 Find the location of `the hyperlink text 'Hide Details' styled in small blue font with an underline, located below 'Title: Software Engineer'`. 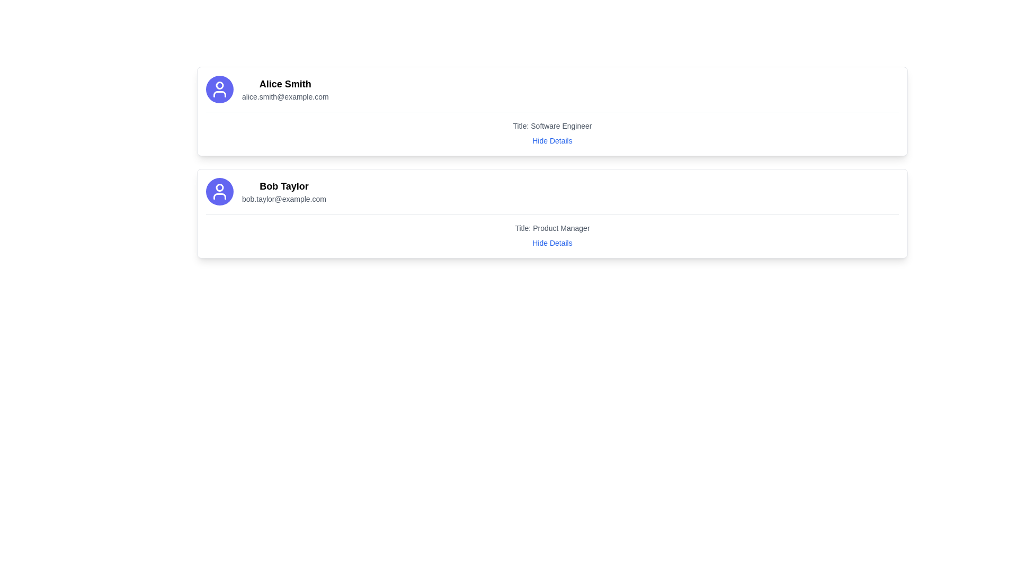

the hyperlink text 'Hide Details' styled in small blue font with an underline, located below 'Title: Software Engineer' is located at coordinates (551, 140).